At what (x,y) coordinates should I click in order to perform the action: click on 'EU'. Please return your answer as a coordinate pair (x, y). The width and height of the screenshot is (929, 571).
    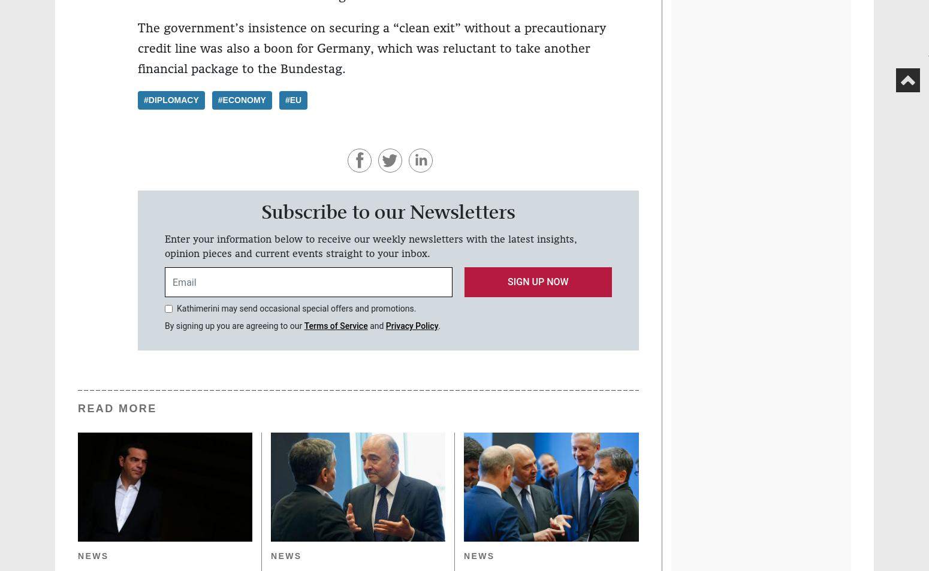
    Looking at the image, I should click on (295, 99).